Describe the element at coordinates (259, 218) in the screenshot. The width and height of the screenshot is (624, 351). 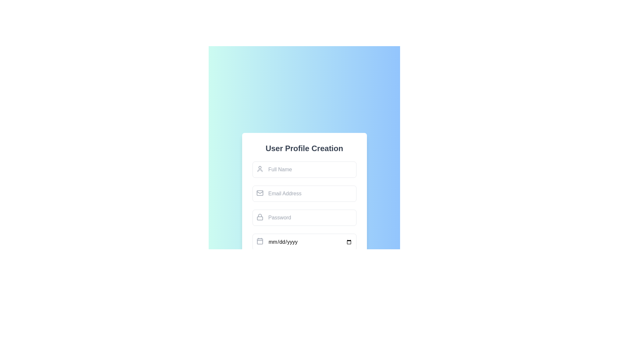
I see `the rounded rectangle element of the lock icon positioned to the left of the password input field` at that location.